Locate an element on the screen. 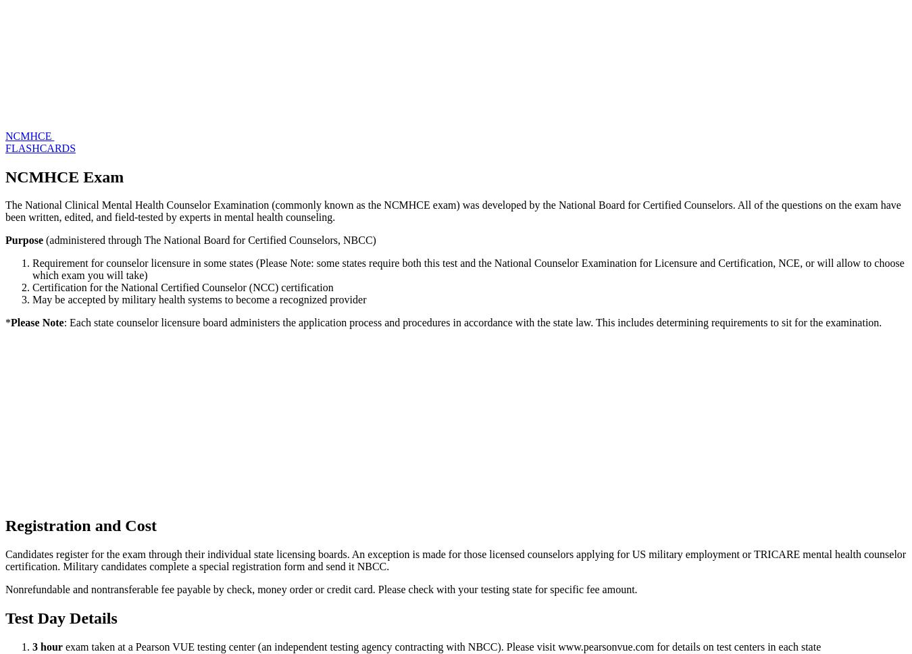 This screenshot has height=654, width=912. 'Please Note' is located at coordinates (36, 322).